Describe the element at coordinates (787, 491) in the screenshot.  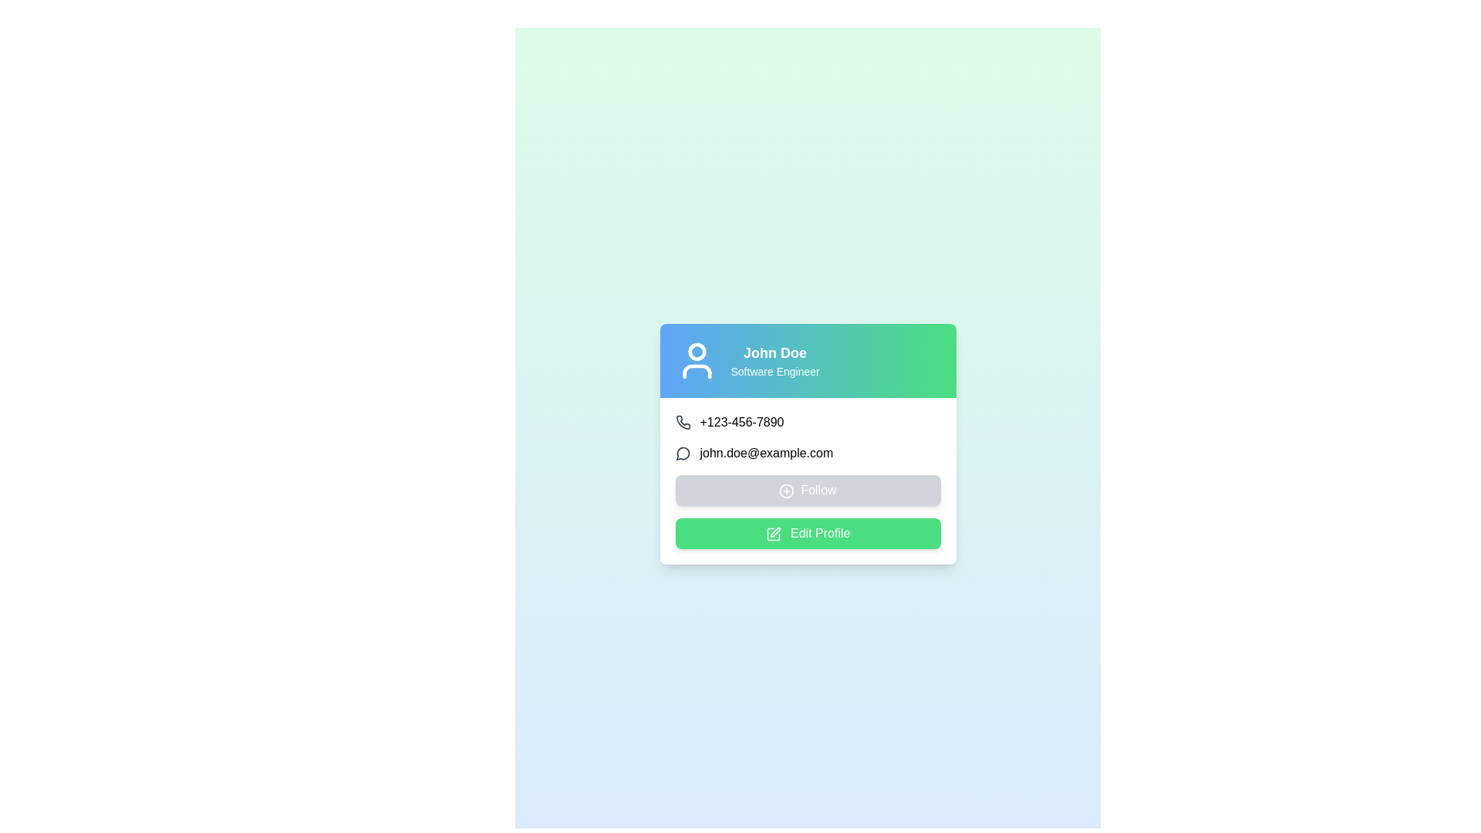
I see `the addition icon located to the left of the 'Follow' text in the Follow button` at that location.